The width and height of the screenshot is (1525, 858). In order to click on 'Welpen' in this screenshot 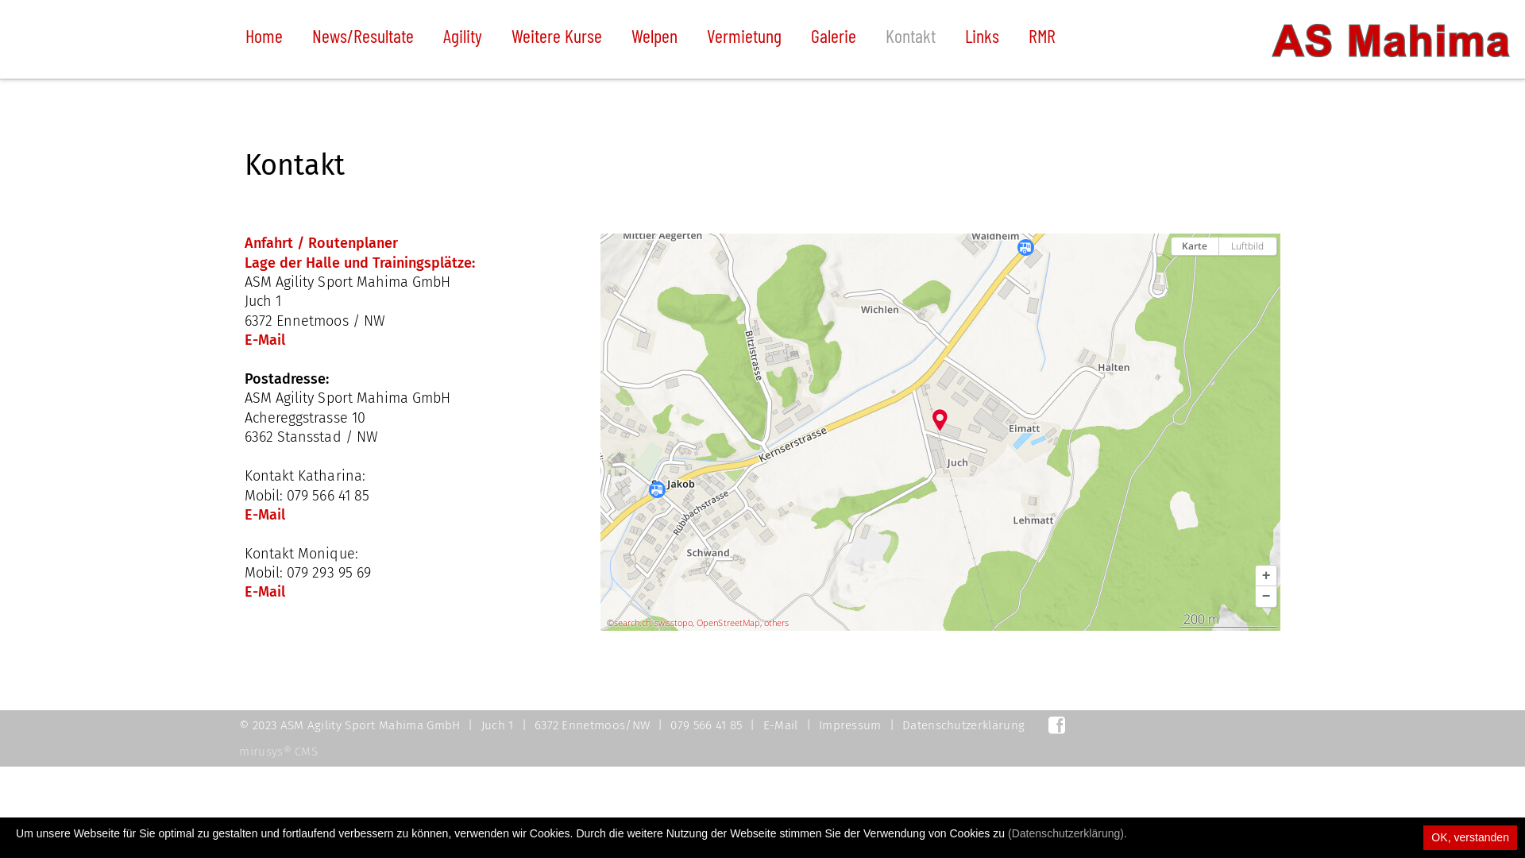, I will do `click(654, 39)`.